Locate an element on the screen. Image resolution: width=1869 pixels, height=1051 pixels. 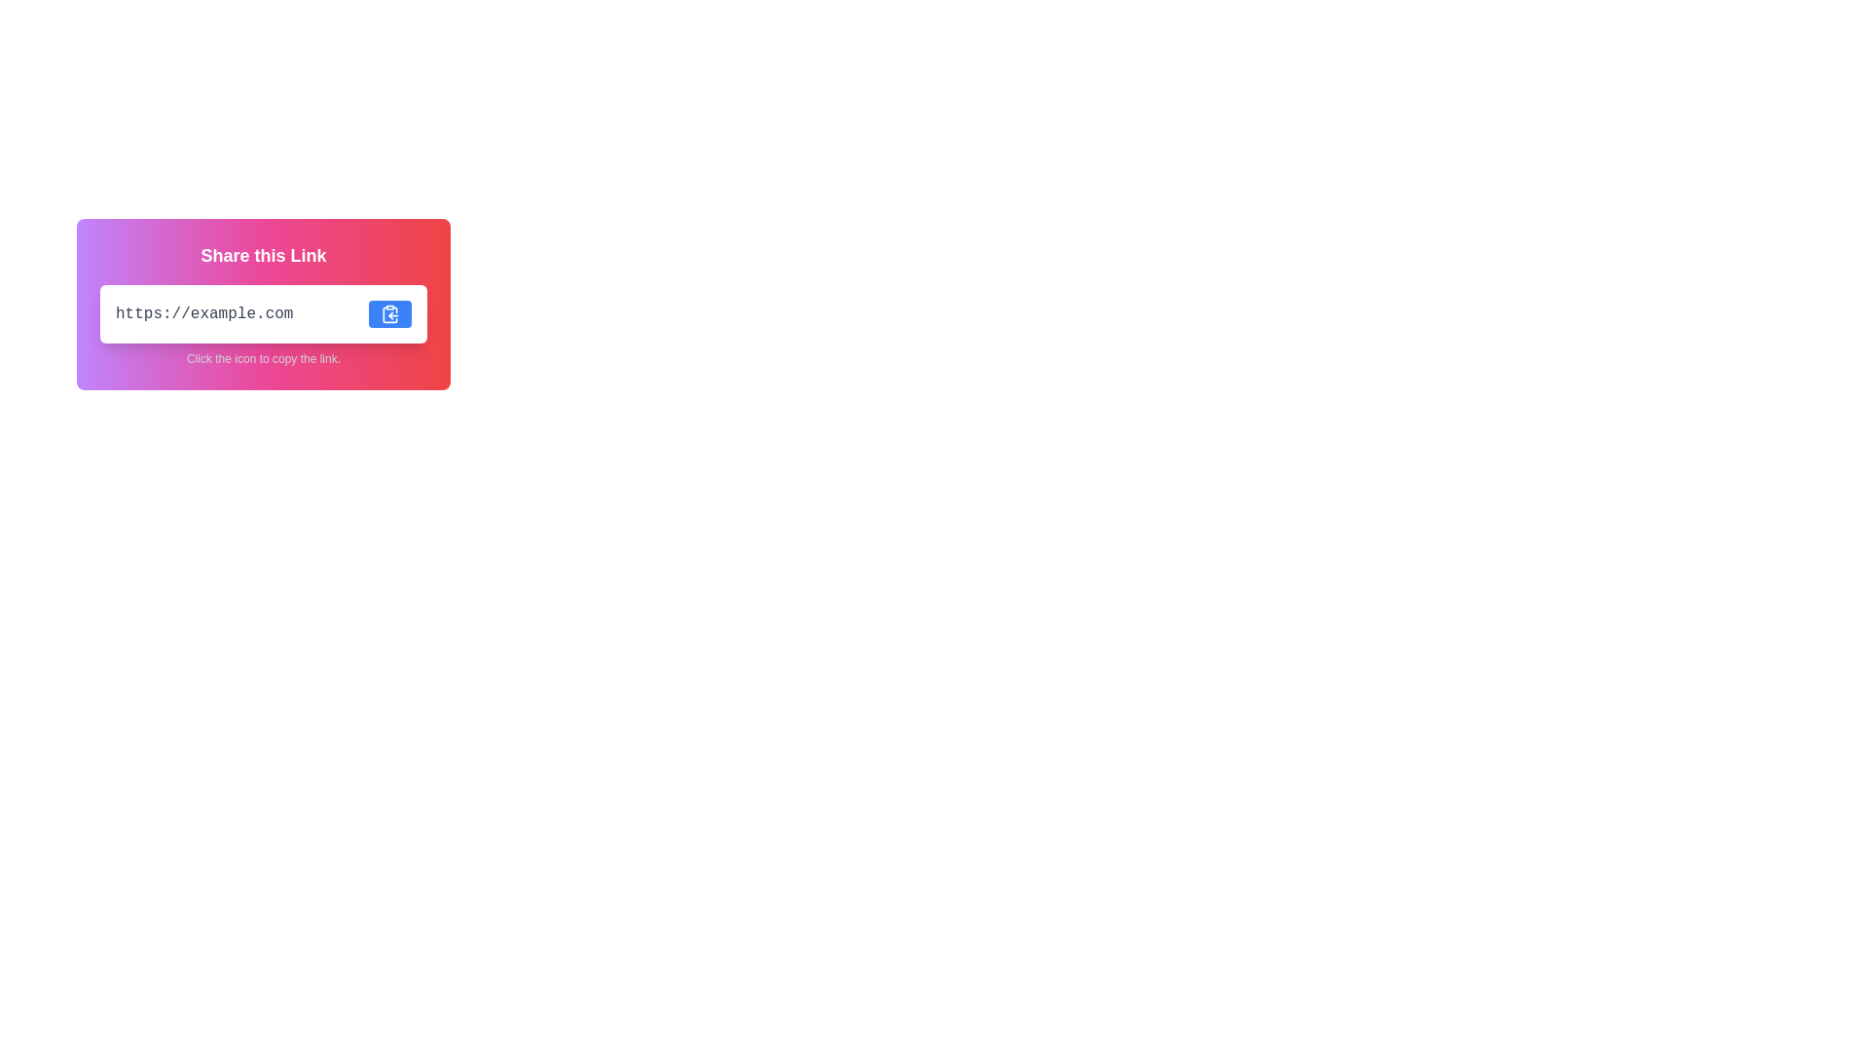
the clipboard-like icon button with a blue background and white border in the top-right corner of the 'Share this Link' card interface is located at coordinates (389, 313).